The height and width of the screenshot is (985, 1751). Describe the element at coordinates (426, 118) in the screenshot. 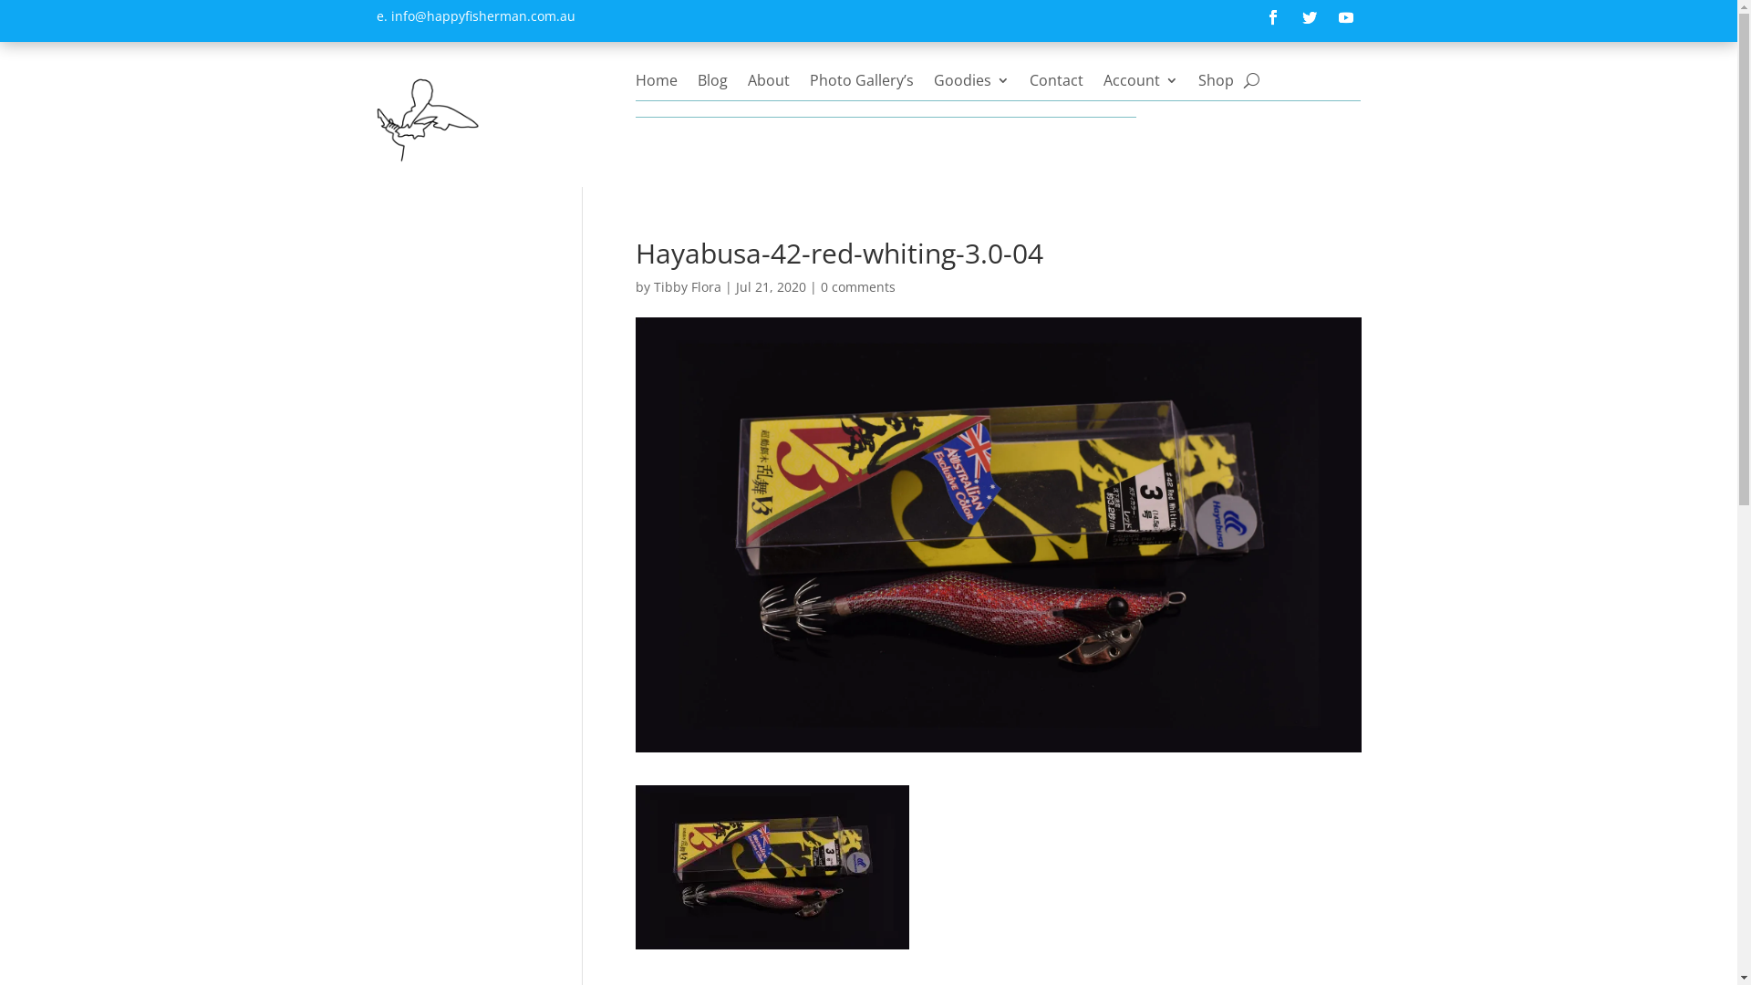

I see `'cropped-logo-black-600.png'` at that location.